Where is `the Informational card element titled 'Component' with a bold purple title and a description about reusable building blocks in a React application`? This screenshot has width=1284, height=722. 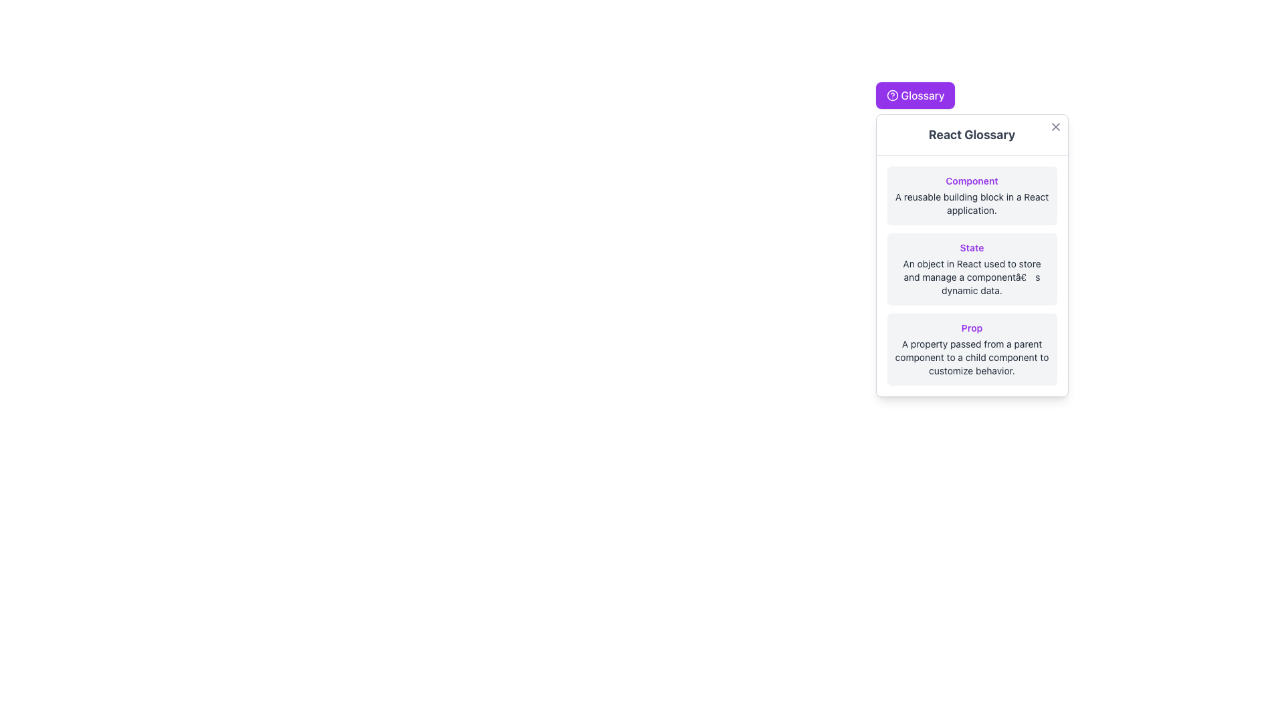
the Informational card element titled 'Component' with a bold purple title and a description about reusable building blocks in a React application is located at coordinates (972, 196).